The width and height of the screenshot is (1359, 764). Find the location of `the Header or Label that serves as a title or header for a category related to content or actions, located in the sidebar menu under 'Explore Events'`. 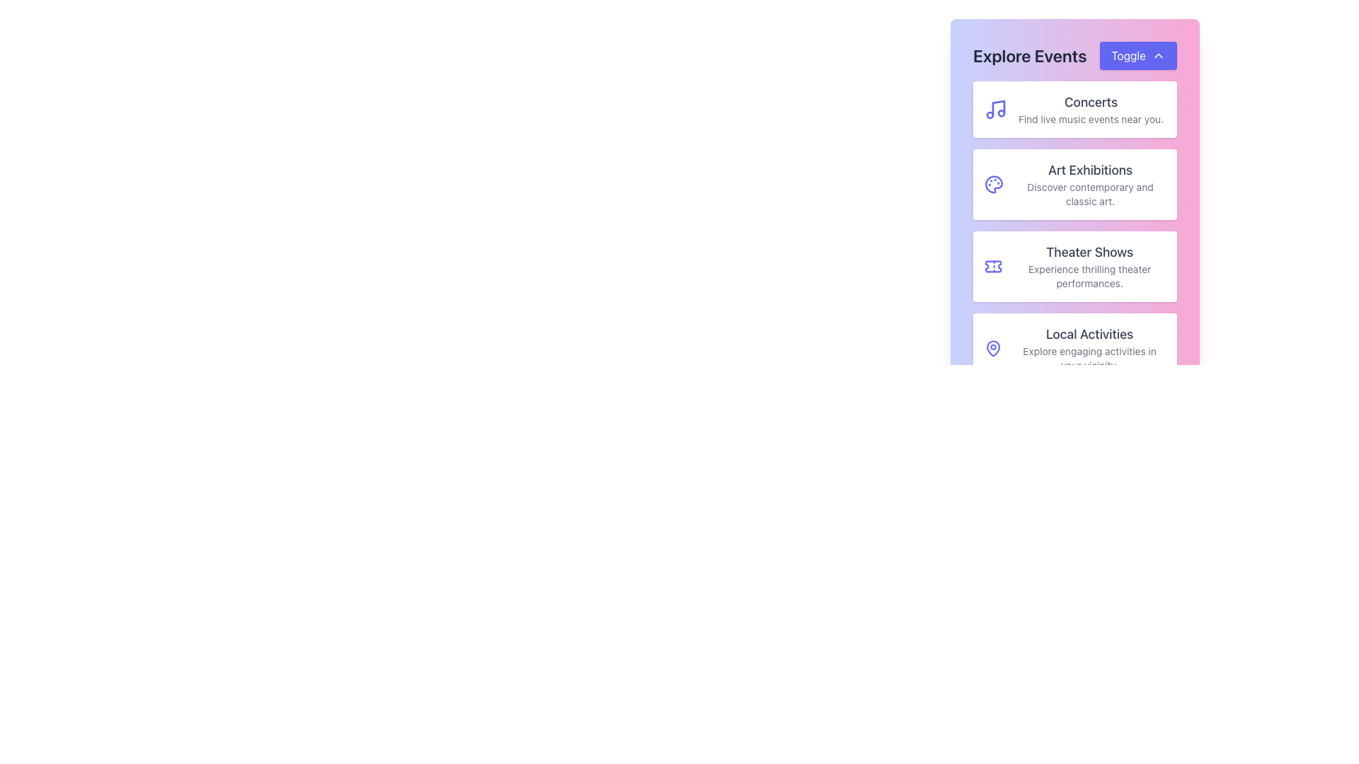

the Header or Label that serves as a title or header for a category related to content or actions, located in the sidebar menu under 'Explore Events' is located at coordinates (1090, 102).